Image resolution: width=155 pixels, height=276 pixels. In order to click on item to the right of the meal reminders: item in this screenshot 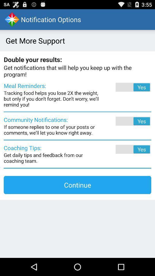, I will do `click(125, 87)`.